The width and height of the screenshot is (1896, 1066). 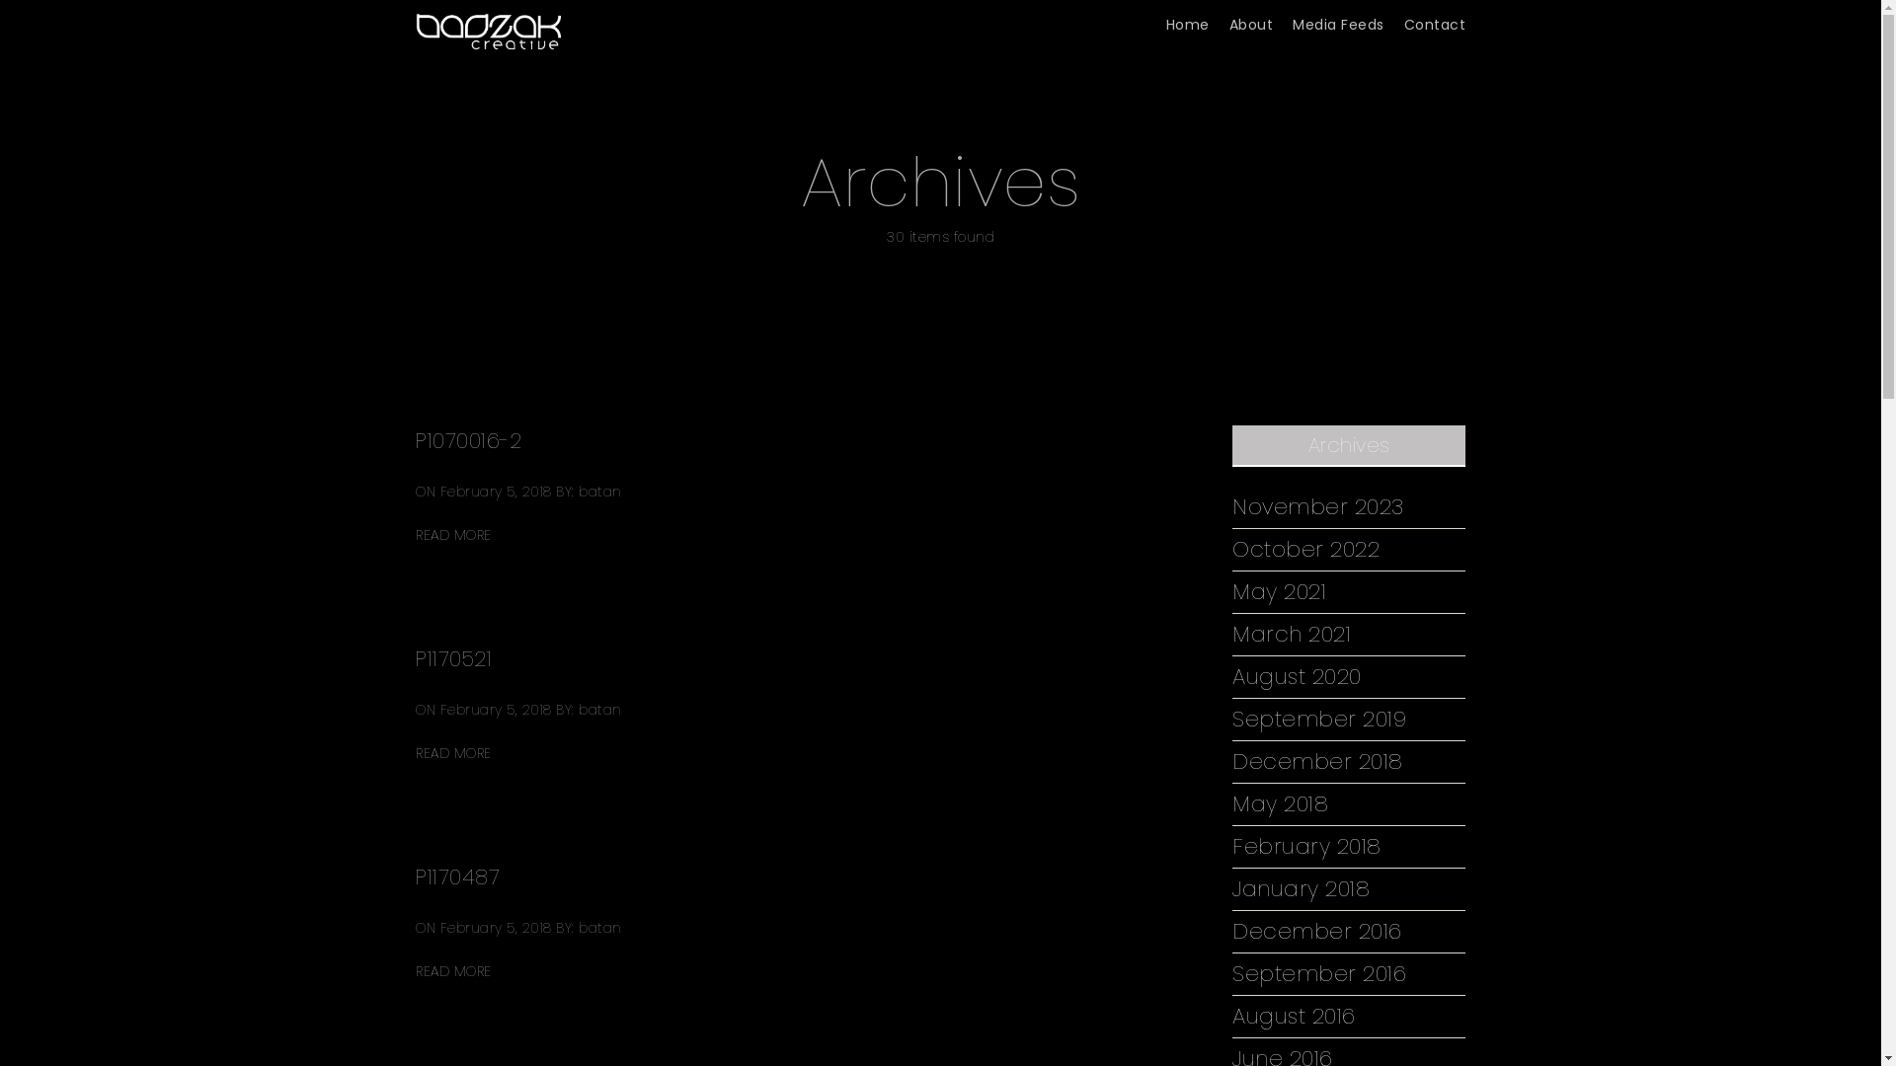 I want to click on 'Contact', so click(x=1435, y=26).